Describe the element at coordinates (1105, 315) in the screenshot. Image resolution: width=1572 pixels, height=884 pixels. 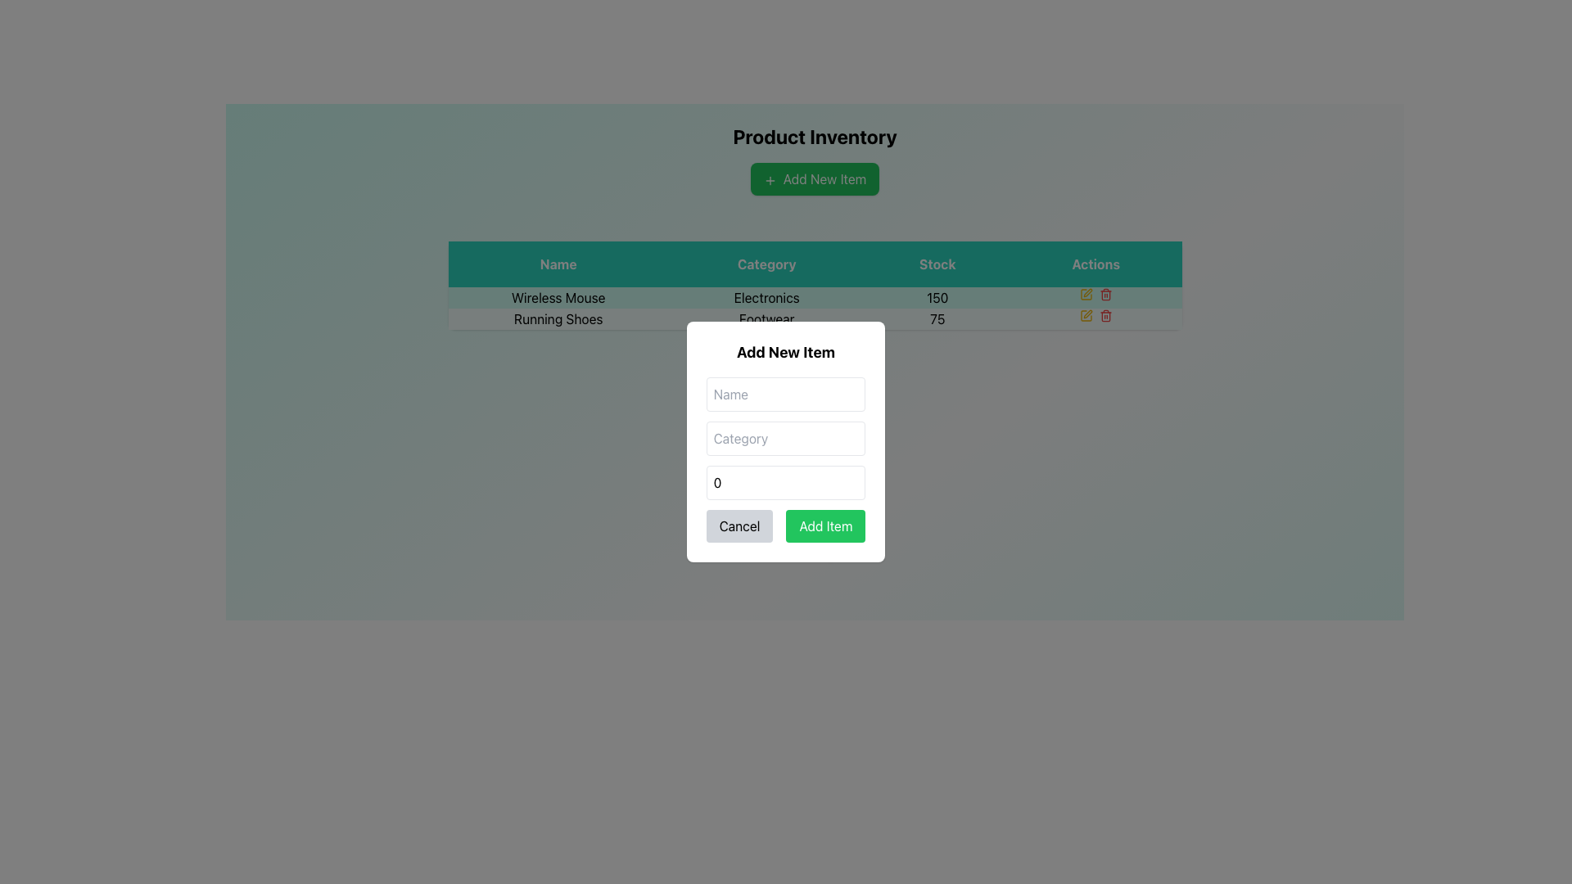
I see `the trash icon button in the 'Actions' column of the second row` at that location.